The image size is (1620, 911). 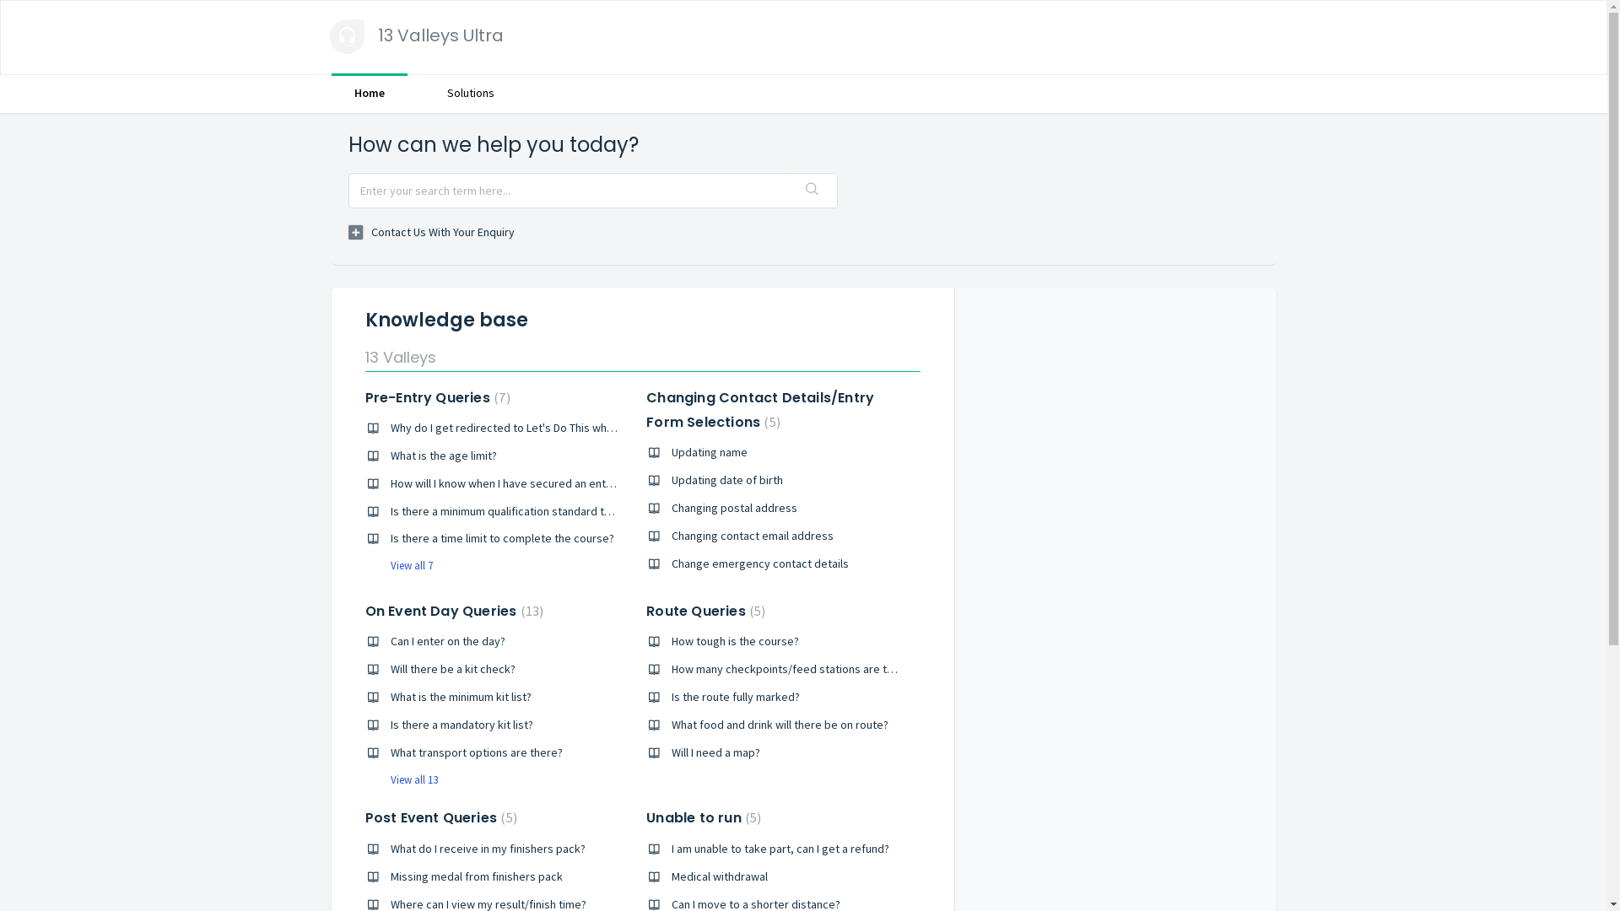 I want to click on 'Changing Contact Details/Entry Form Selections 5', so click(x=759, y=410).